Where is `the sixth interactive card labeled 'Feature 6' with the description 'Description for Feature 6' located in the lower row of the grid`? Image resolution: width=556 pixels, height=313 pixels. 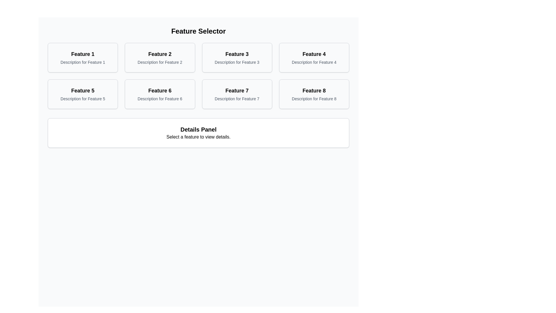
the sixth interactive card labeled 'Feature 6' with the description 'Description for Feature 6' located in the lower row of the grid is located at coordinates (160, 94).